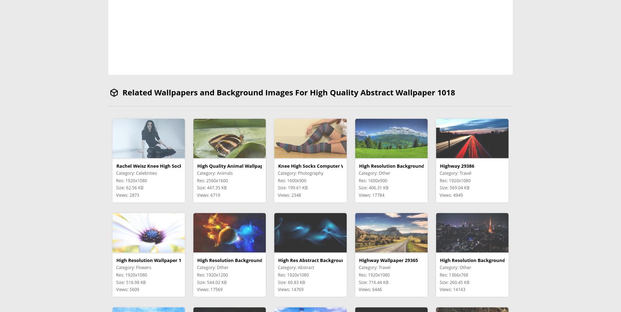  What do you see at coordinates (398, 165) in the screenshot?
I see `'High Resolution Backgrounds 4695'` at bounding box center [398, 165].